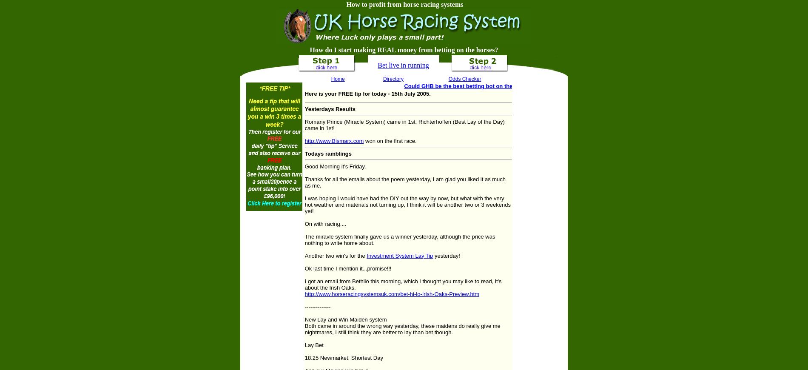 Image resolution: width=808 pixels, height=370 pixels. I want to click on 'Romany Prince (Miracle System) came in 1st, Richterhoffen (Best Lay
of the Day) came in 1st!', so click(304, 125).